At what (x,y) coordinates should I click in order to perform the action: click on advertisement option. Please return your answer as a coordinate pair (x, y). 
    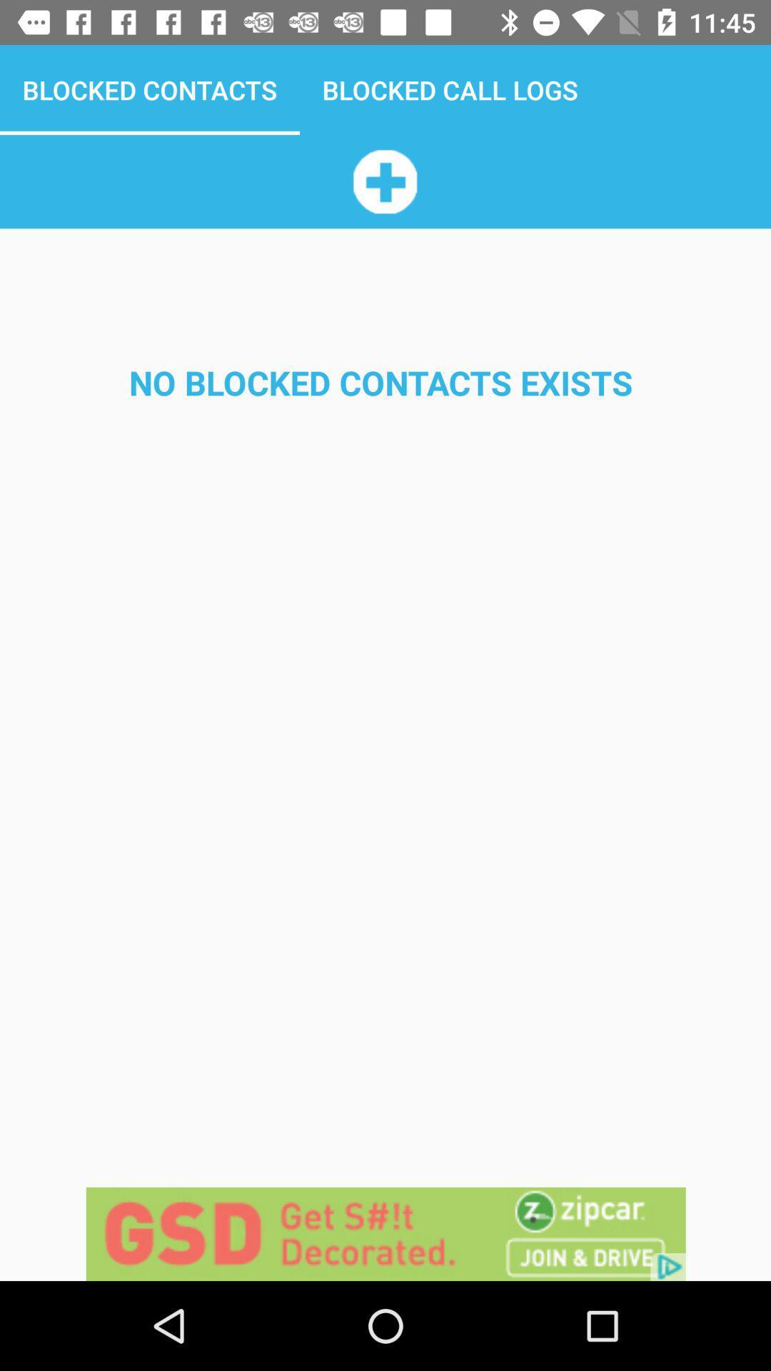
    Looking at the image, I should click on (385, 1233).